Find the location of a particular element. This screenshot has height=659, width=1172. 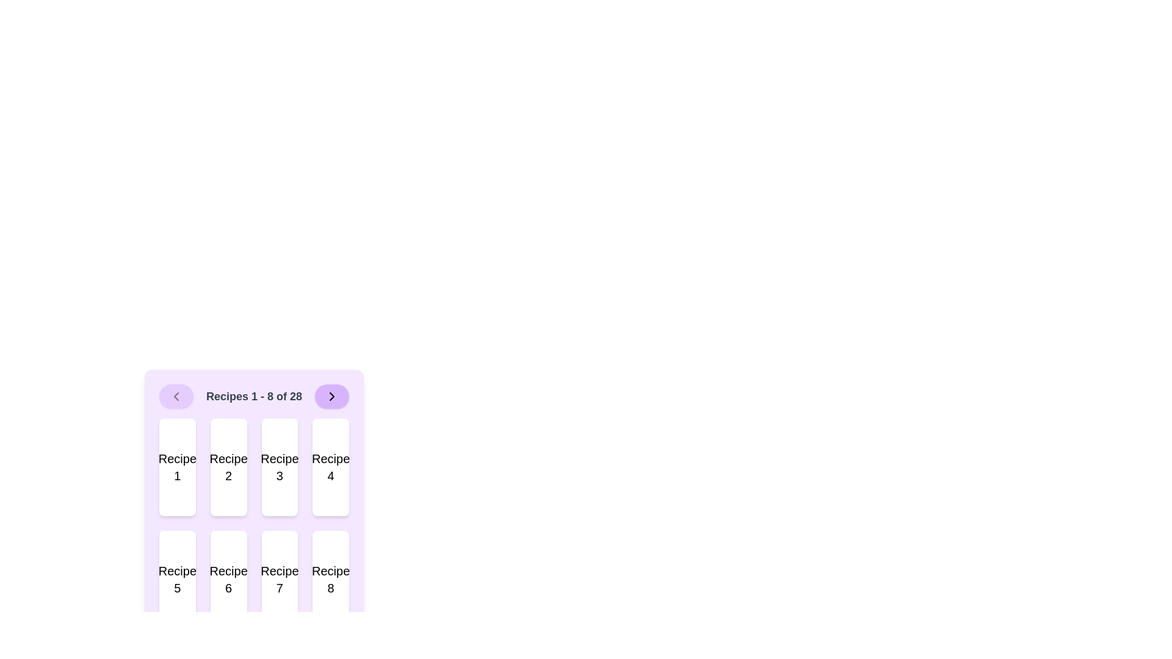

the grid item representing 'Recipe 2' is located at coordinates (228, 467).